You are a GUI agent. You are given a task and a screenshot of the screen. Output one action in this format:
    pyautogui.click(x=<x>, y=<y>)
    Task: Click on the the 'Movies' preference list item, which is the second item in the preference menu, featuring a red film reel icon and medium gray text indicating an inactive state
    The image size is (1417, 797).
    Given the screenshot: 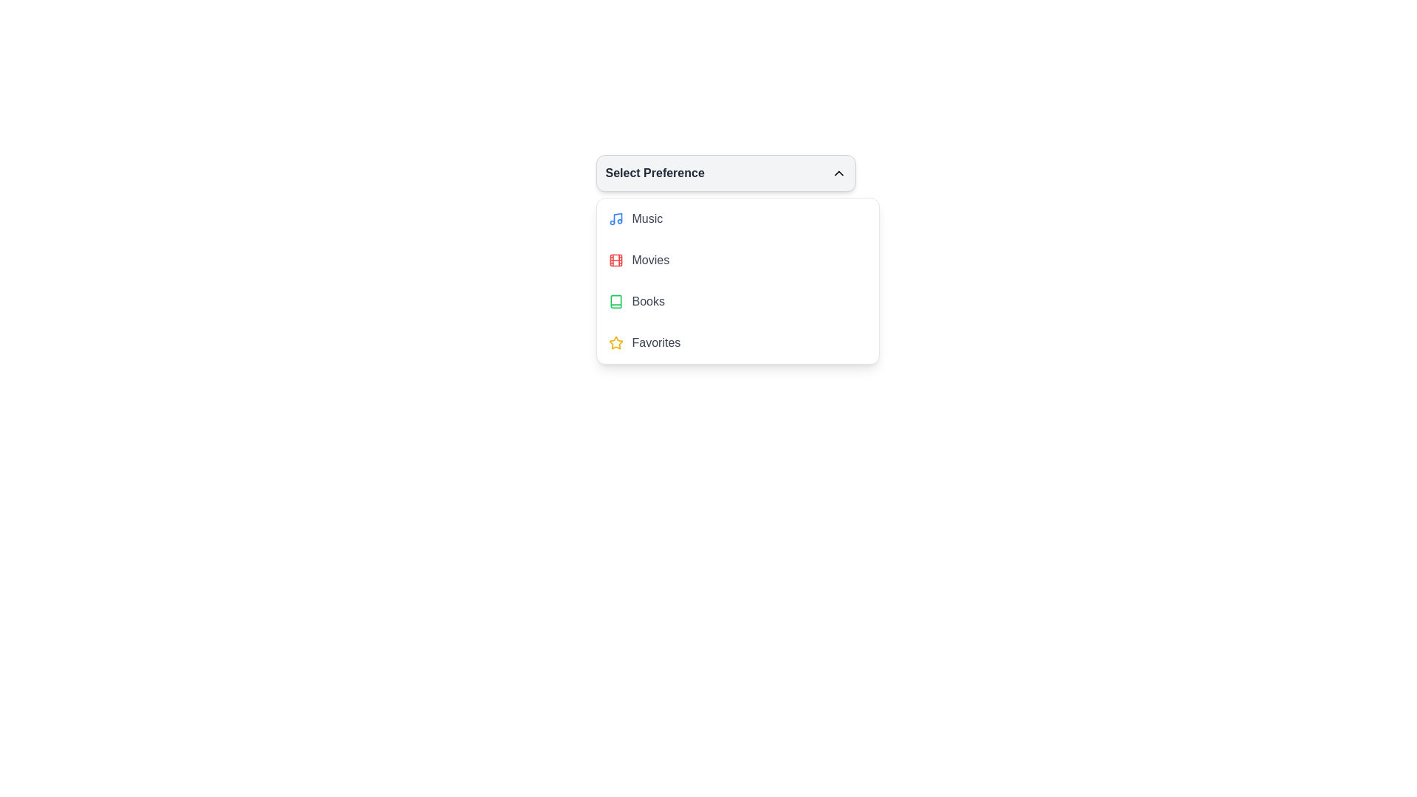 What is the action you would take?
    pyautogui.click(x=737, y=260)
    